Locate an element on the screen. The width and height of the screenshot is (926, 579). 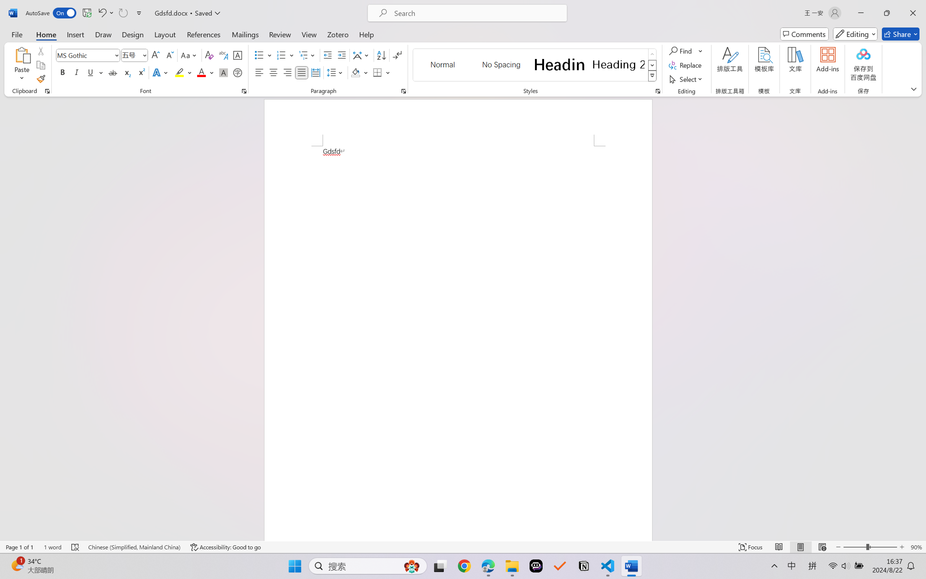
'Font Color Red' is located at coordinates (202, 72).